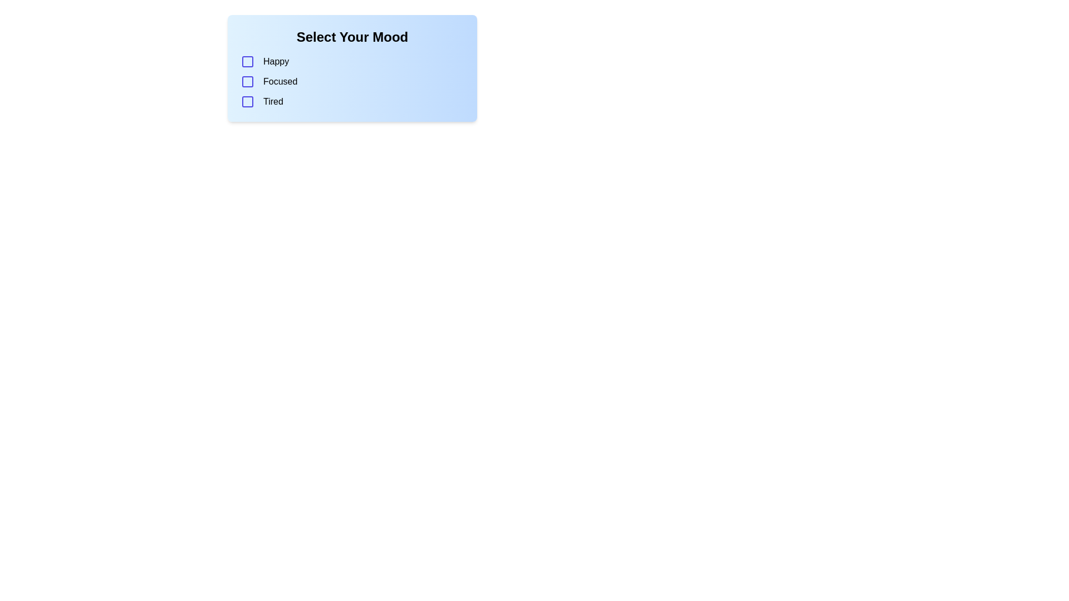  Describe the element at coordinates (247, 81) in the screenshot. I see `the checkbox labeled 'Focused'` at that location.